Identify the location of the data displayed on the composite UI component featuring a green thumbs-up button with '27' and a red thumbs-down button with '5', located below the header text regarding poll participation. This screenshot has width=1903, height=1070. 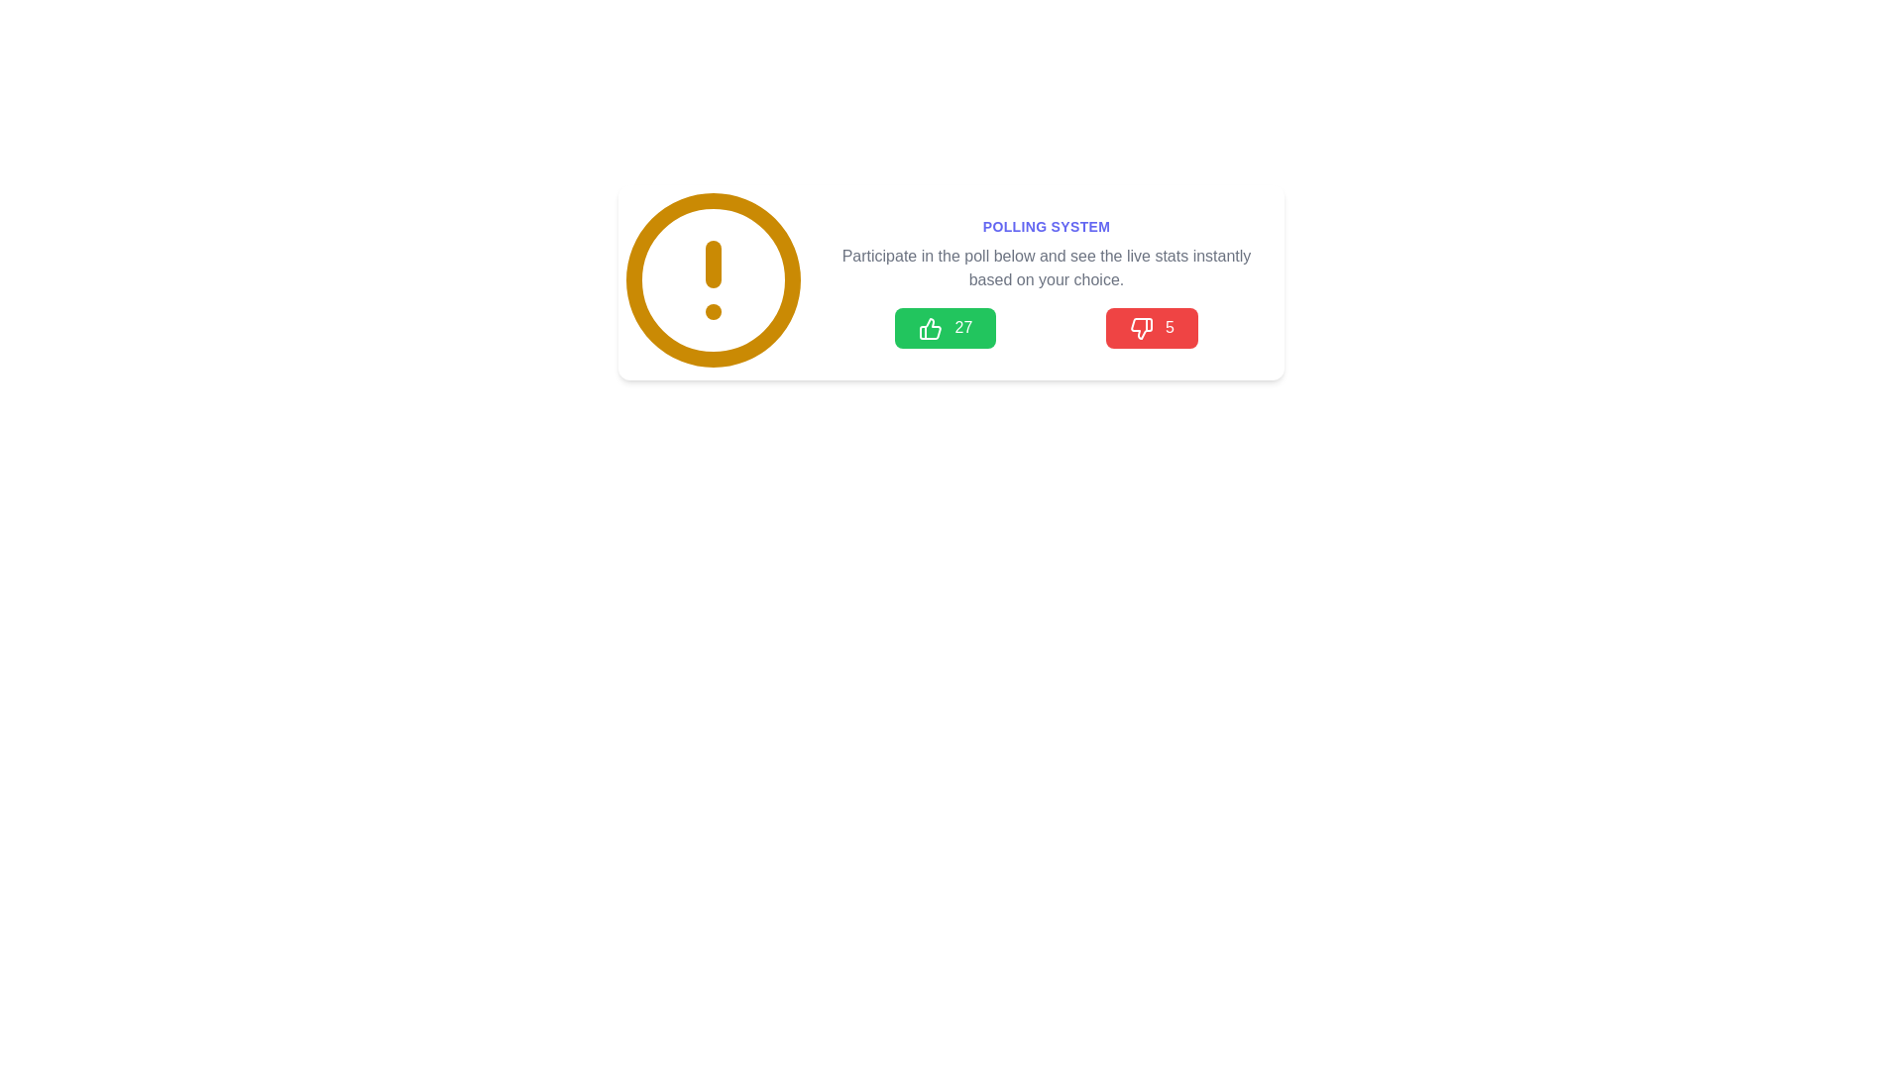
(1046, 327).